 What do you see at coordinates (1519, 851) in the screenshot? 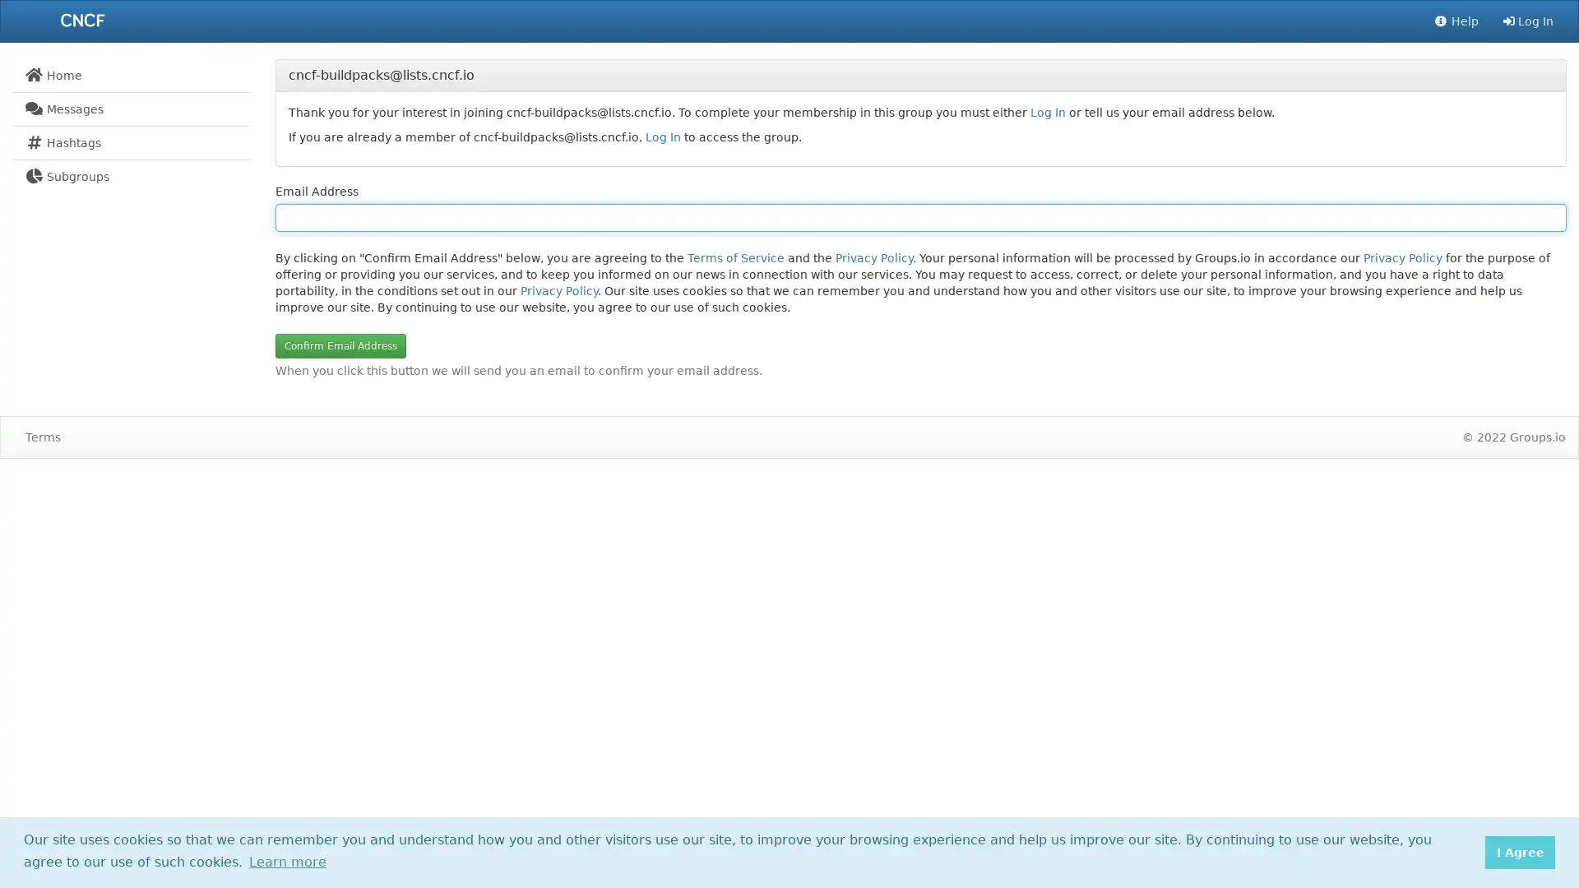
I see `dismiss cookie message` at bounding box center [1519, 851].